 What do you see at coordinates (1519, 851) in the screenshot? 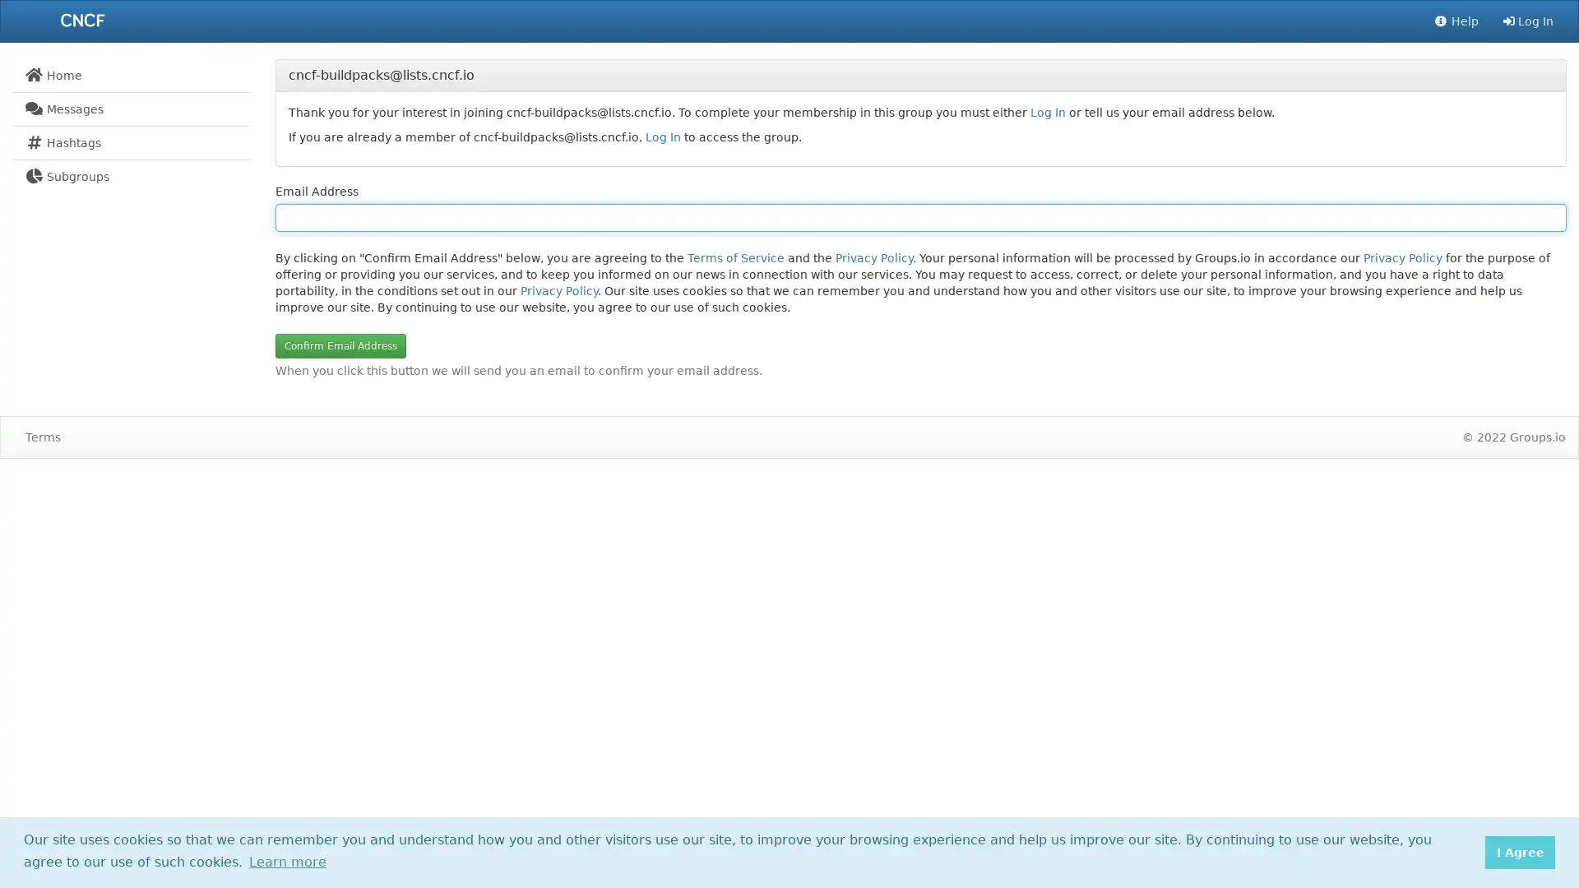
I see `dismiss cookie message` at bounding box center [1519, 851].